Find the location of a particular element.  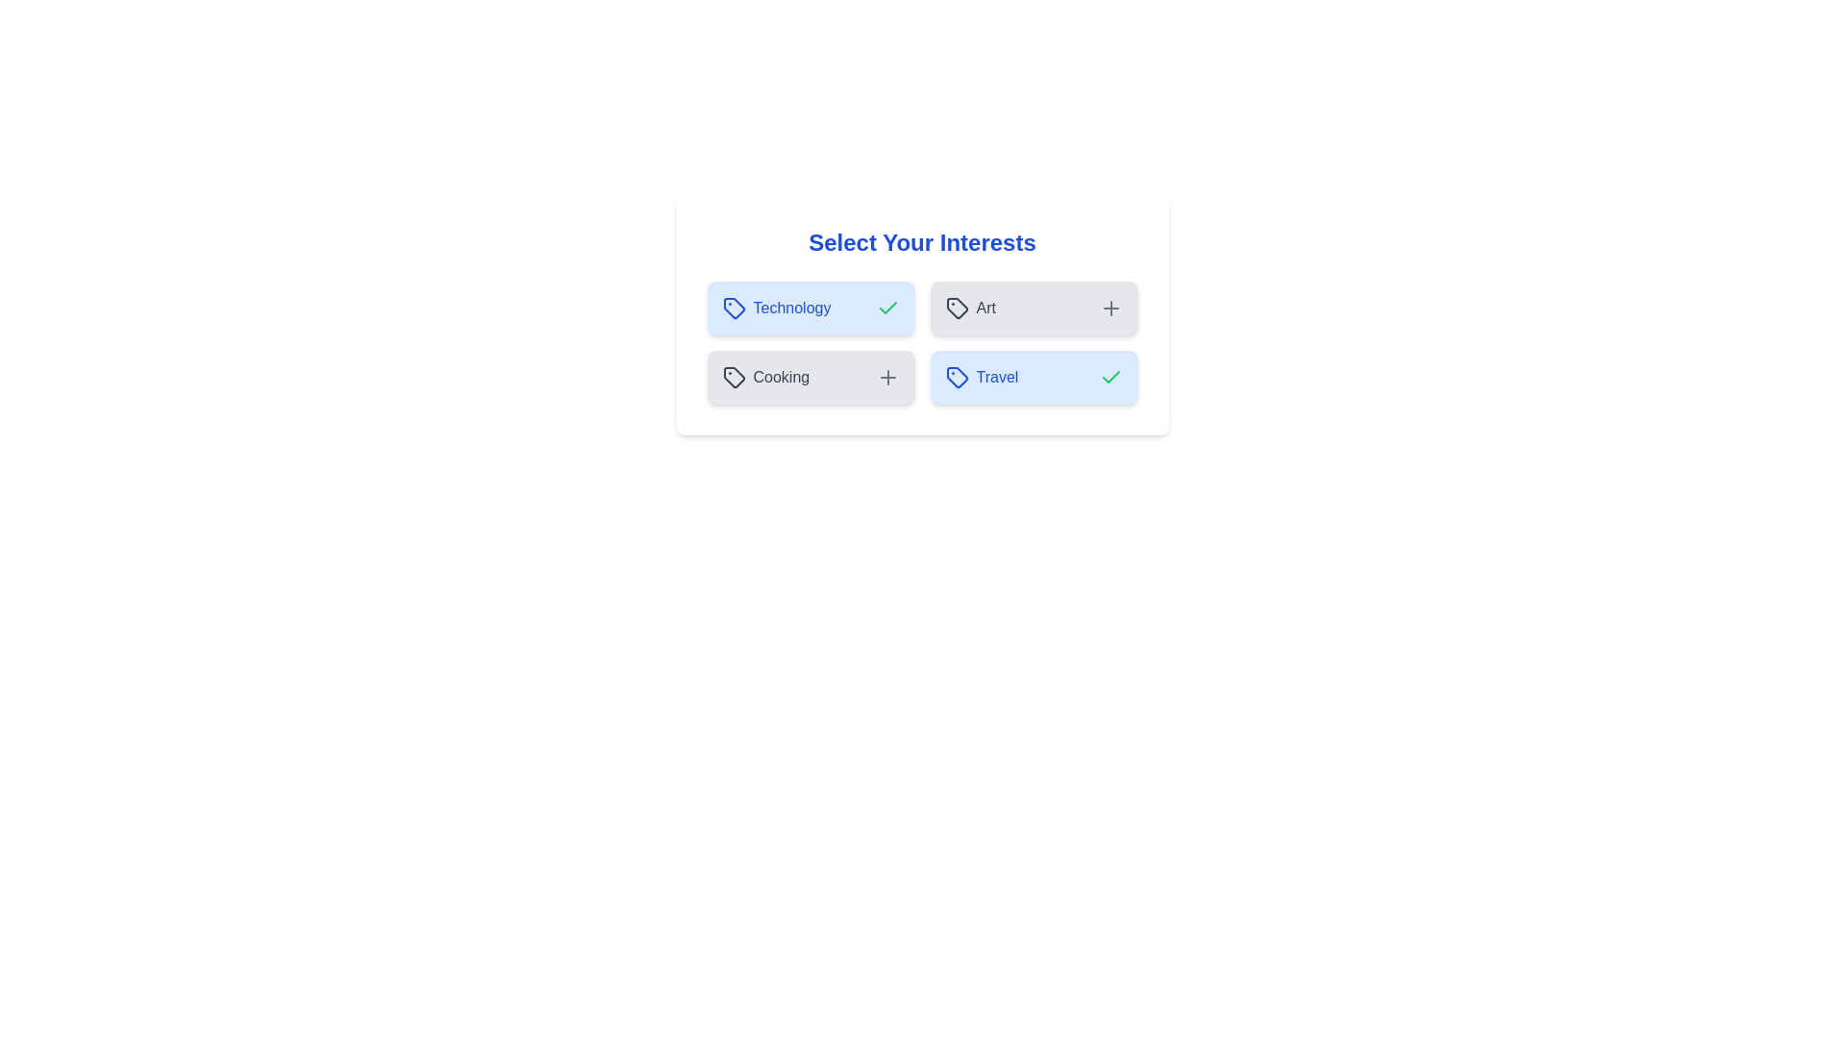

the interest labeled Technology is located at coordinates (811, 307).